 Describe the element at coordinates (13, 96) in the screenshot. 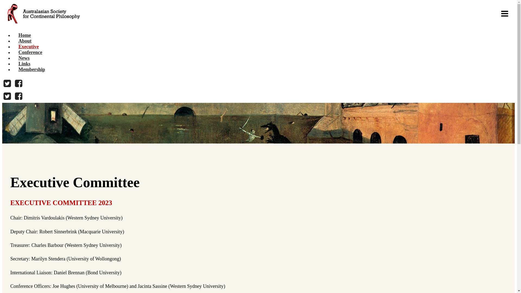

I see `'ASCP Facebook Group'` at that location.